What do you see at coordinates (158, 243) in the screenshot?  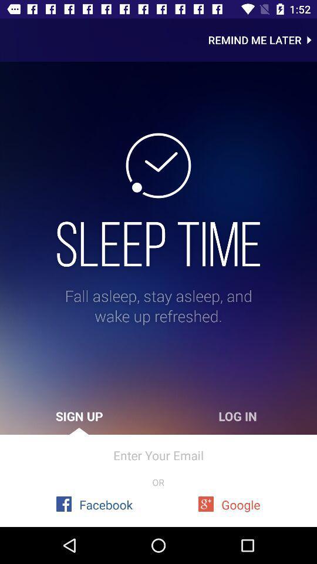 I see `item above fall asleep stay` at bounding box center [158, 243].